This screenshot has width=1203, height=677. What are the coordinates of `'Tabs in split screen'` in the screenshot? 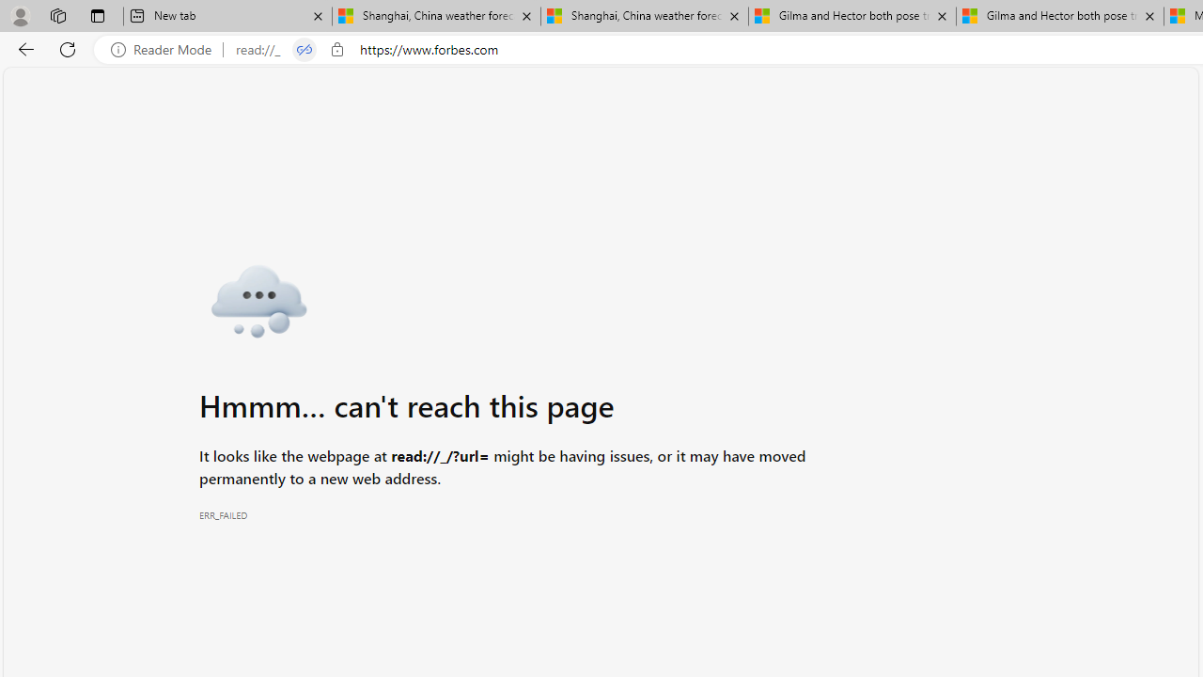 It's located at (304, 49).